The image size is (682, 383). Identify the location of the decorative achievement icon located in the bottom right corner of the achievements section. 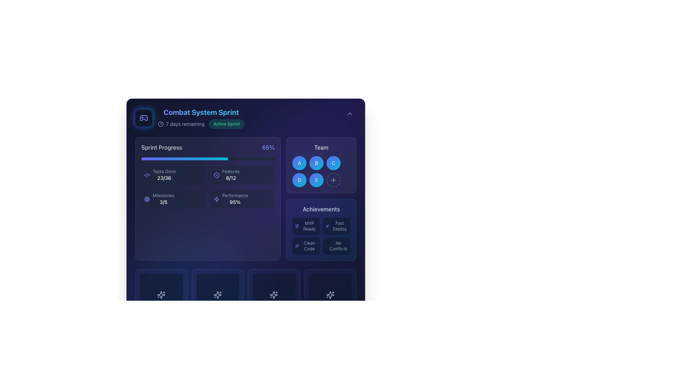
(330, 295).